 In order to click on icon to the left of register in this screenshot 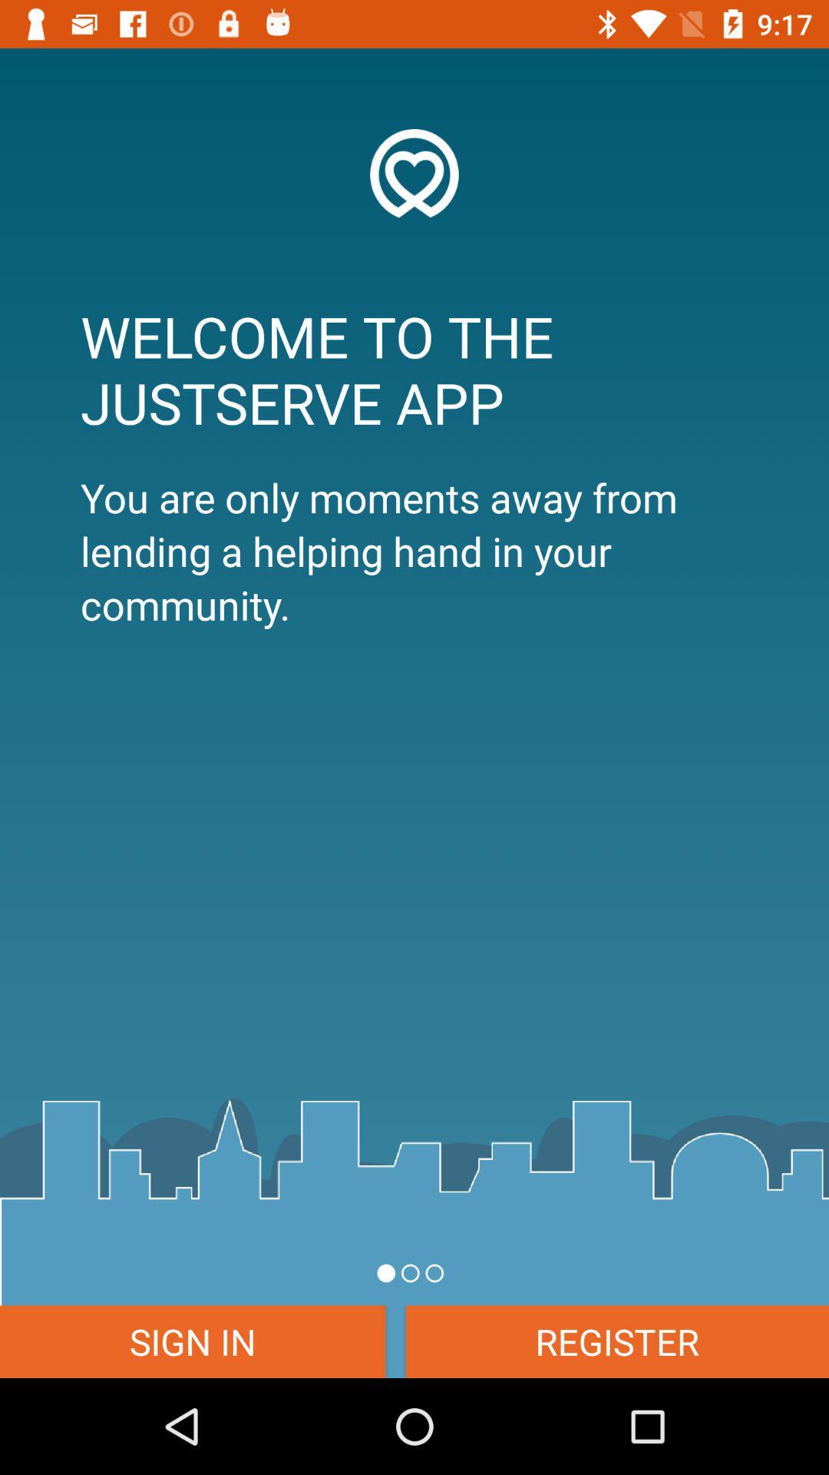, I will do `click(192, 1341)`.